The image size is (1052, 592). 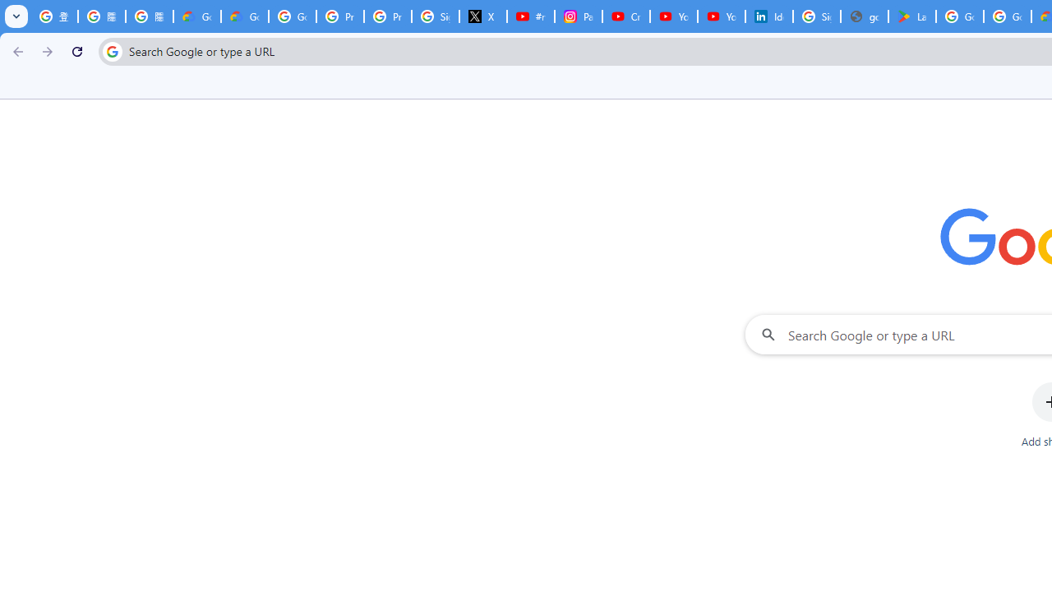 What do you see at coordinates (530, 16) in the screenshot?
I see `'#nbabasketballhighlights - YouTube'` at bounding box center [530, 16].